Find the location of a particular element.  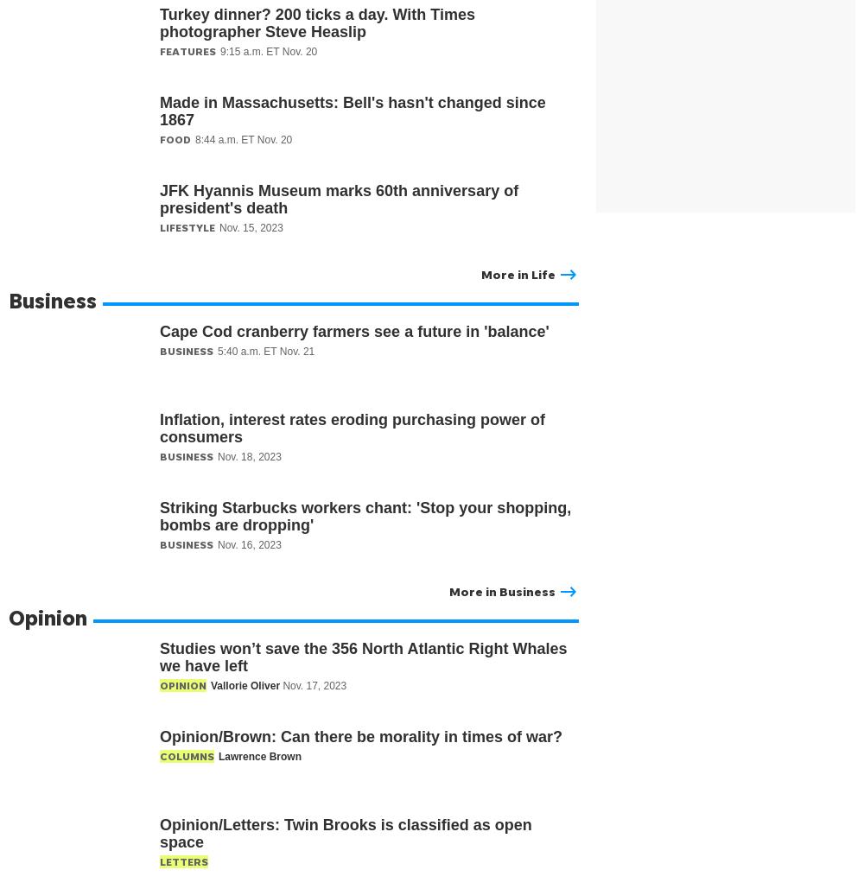

'Vallorie Oliver' is located at coordinates (246, 685).